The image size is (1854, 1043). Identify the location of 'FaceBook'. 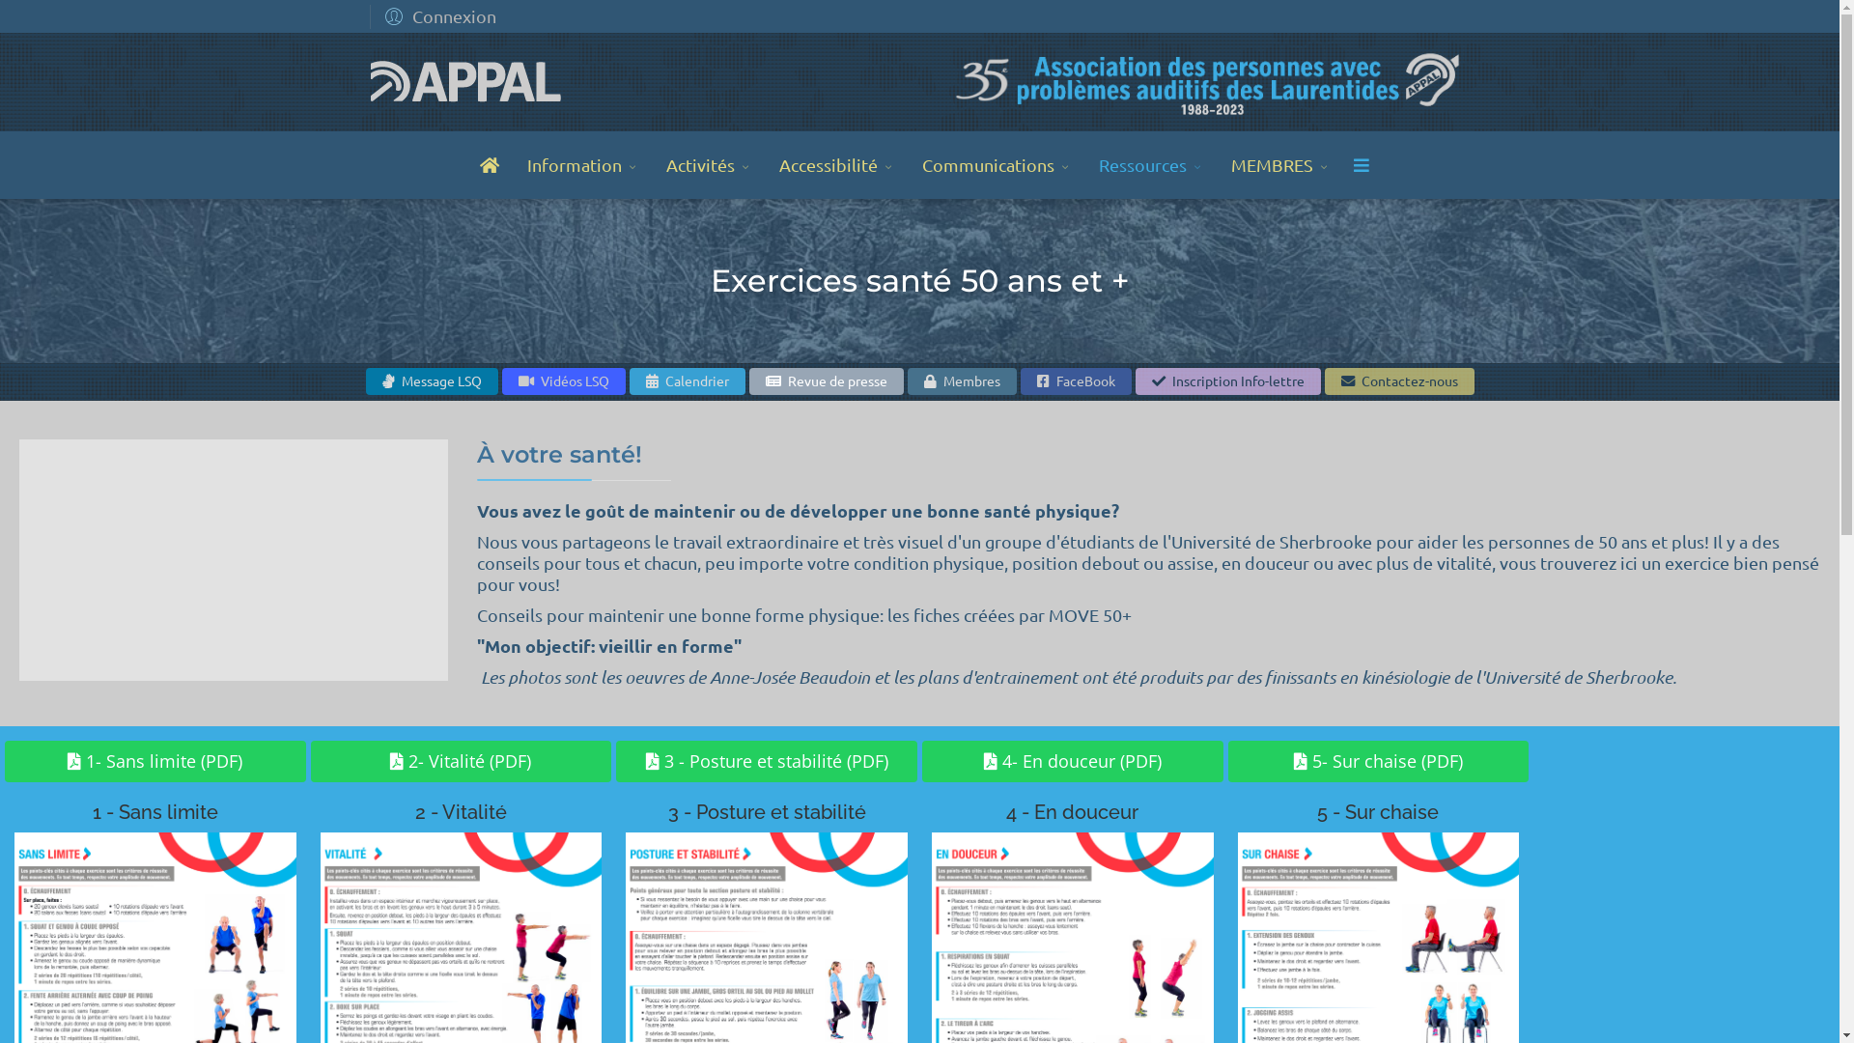
(1074, 381).